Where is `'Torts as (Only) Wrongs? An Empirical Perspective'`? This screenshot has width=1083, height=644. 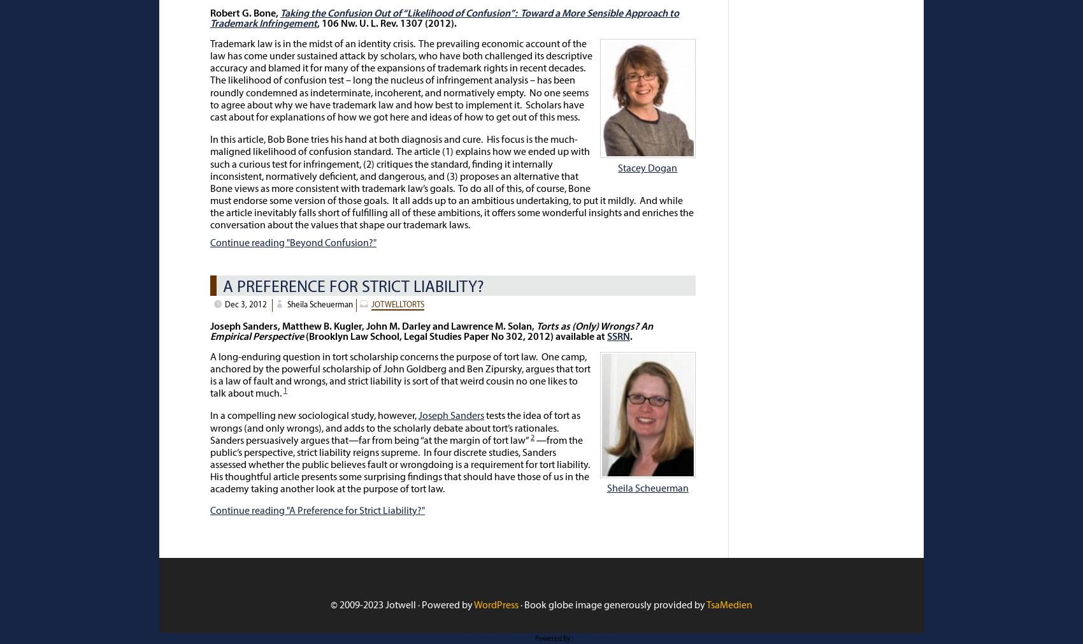
'Torts as (Only) Wrongs? An Empirical Perspective' is located at coordinates (209, 331).